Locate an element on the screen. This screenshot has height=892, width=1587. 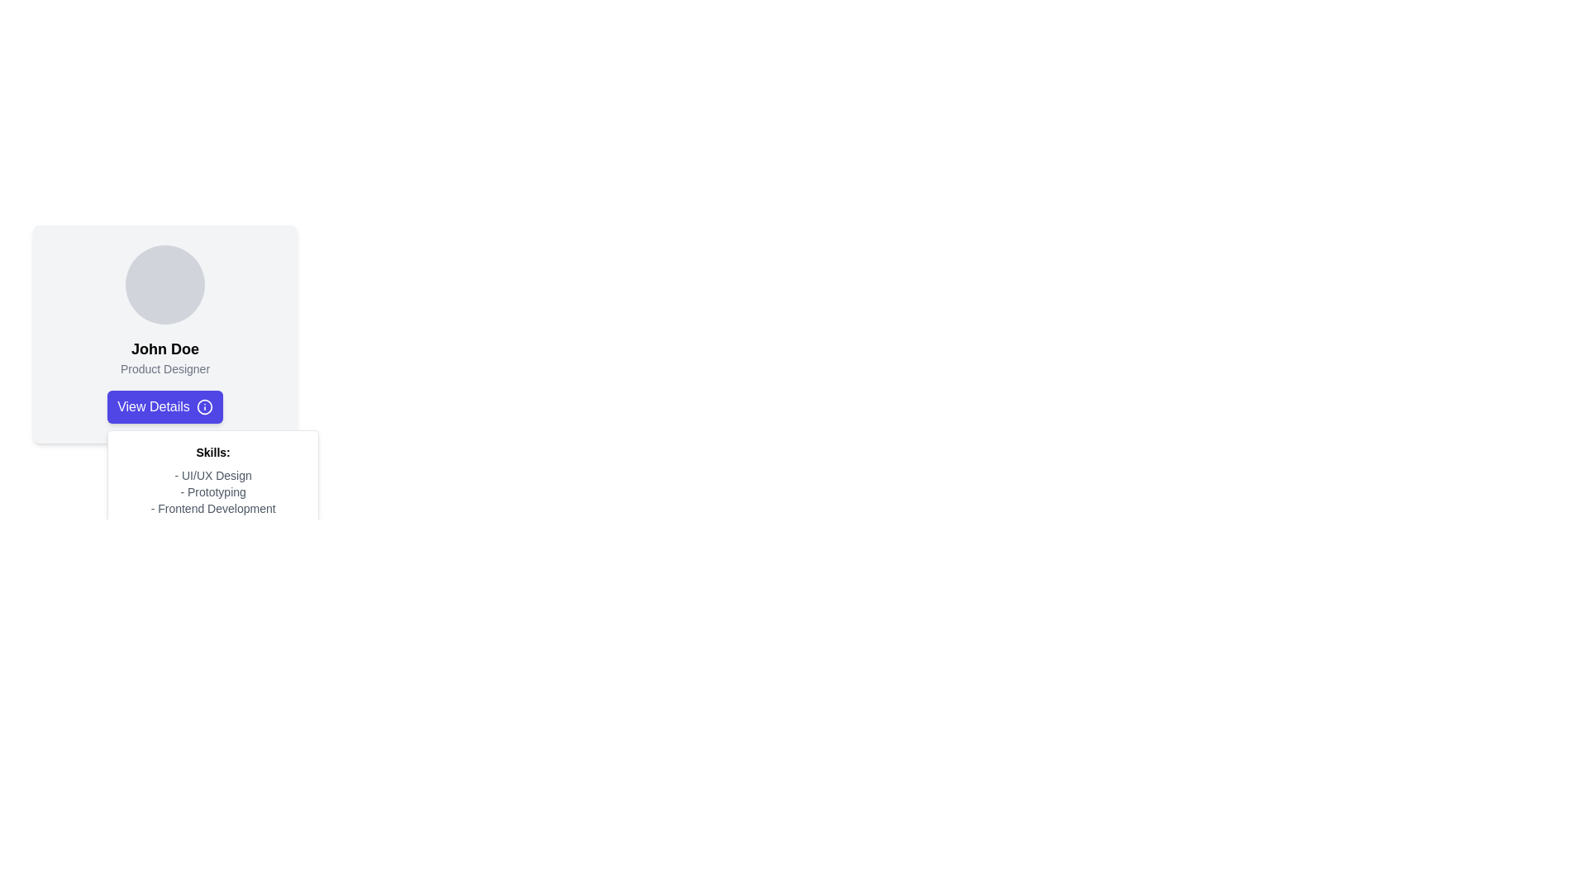
the second line of the skills list, which describes 'Prototyping', located under the 'Skills:' label and above 'Frontend Development' is located at coordinates (212, 491).